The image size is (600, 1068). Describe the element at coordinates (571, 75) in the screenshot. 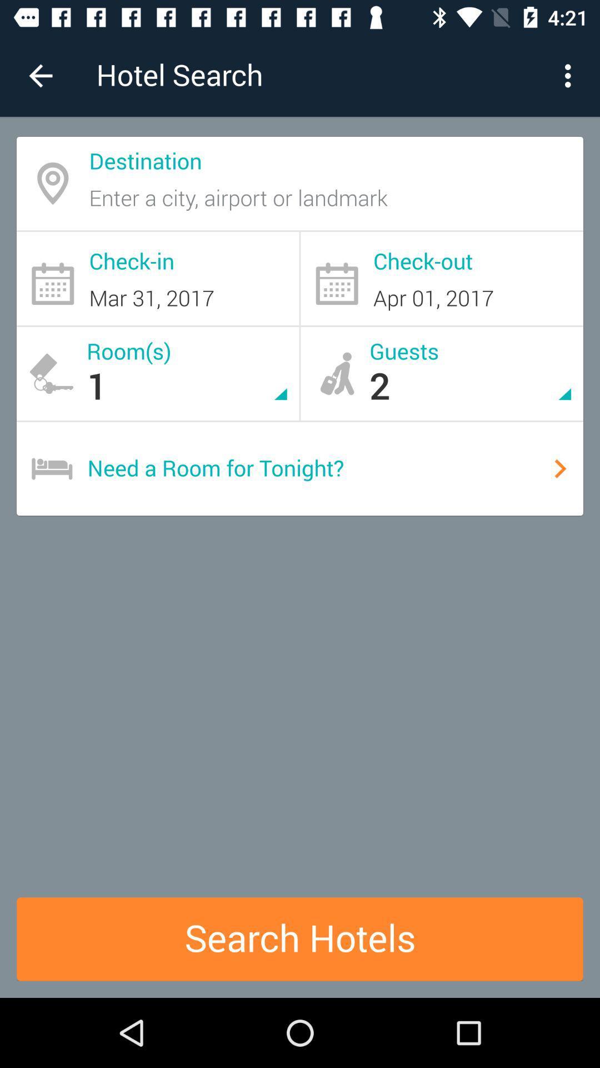

I see `the item to the right of hotel search icon` at that location.